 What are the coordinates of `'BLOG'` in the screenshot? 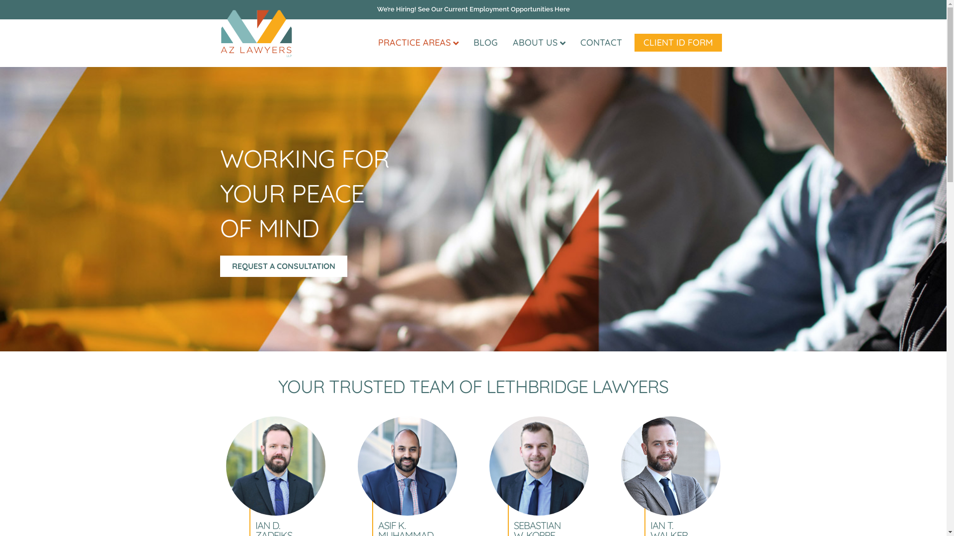 It's located at (485, 42).